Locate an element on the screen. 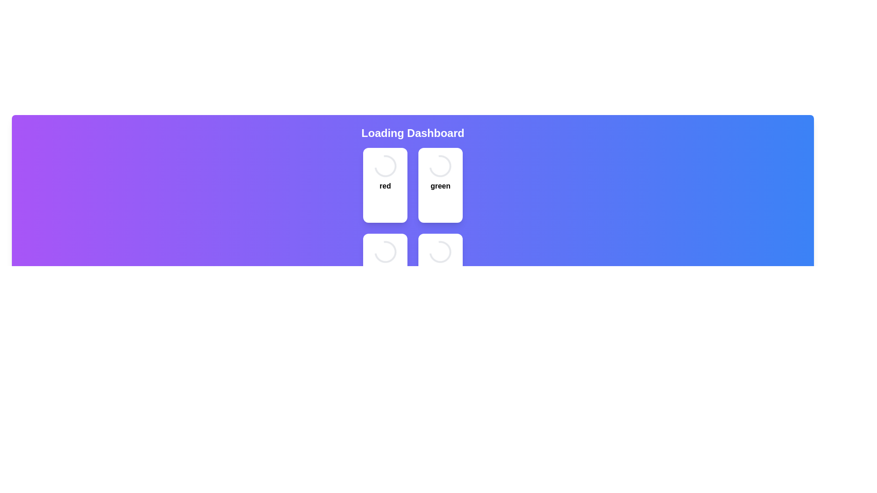  the status display indicating that the system is currently loading, located in the lower section of the main layout, below the grid of colored panels is located at coordinates (412, 357).